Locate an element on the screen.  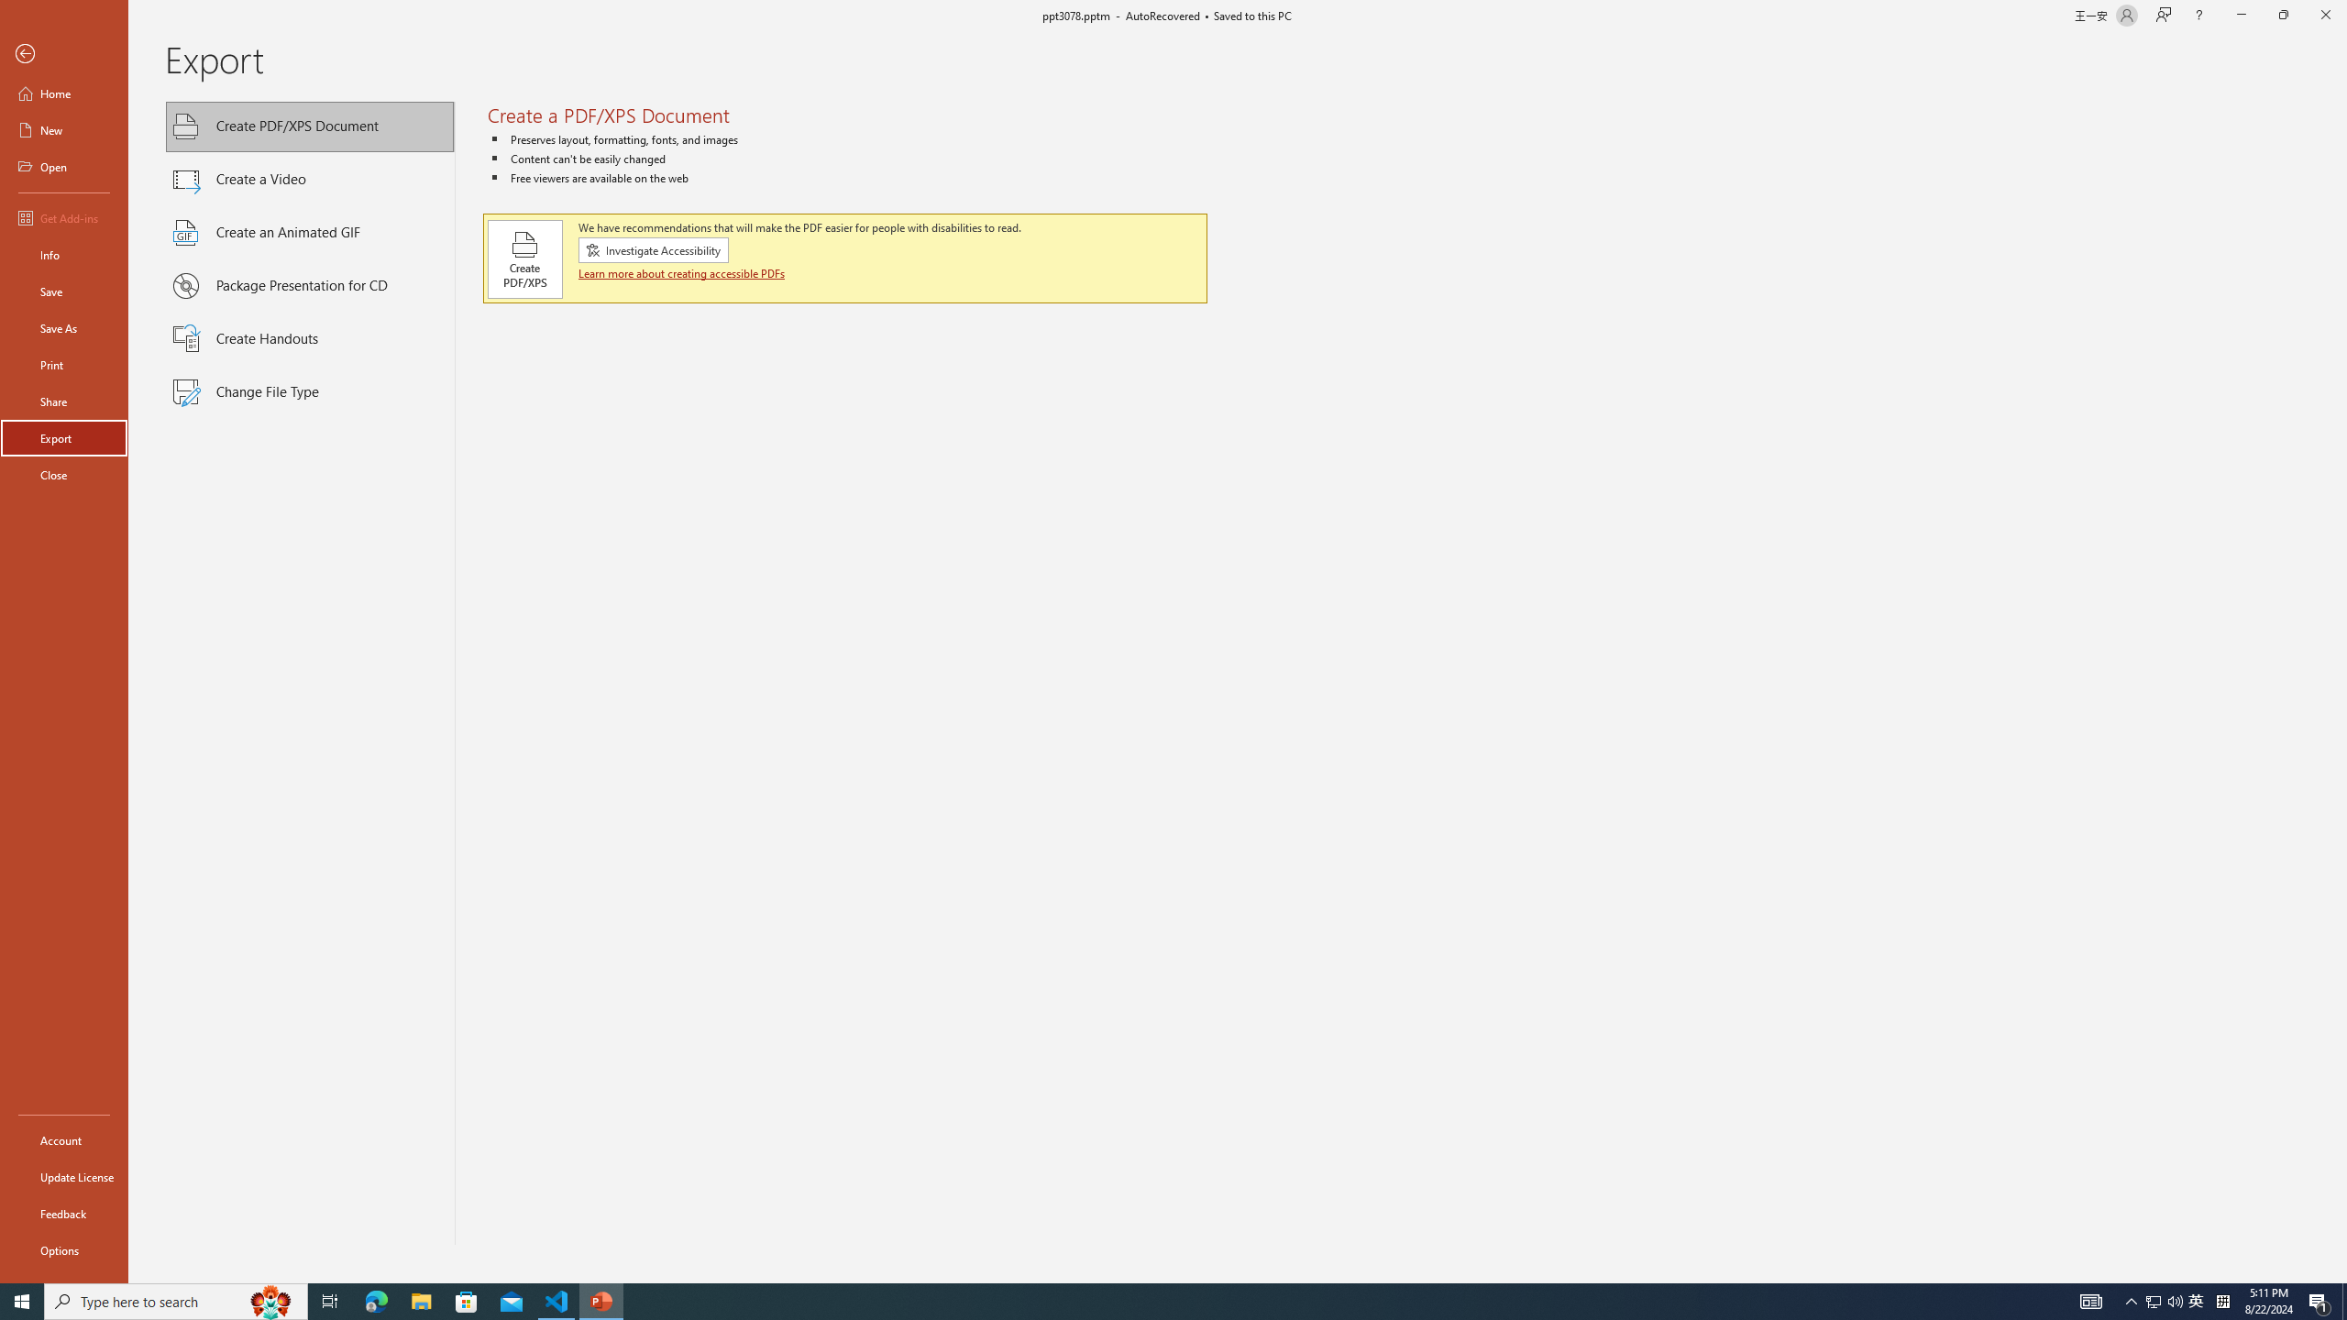
'Account' is located at coordinates (63, 1140).